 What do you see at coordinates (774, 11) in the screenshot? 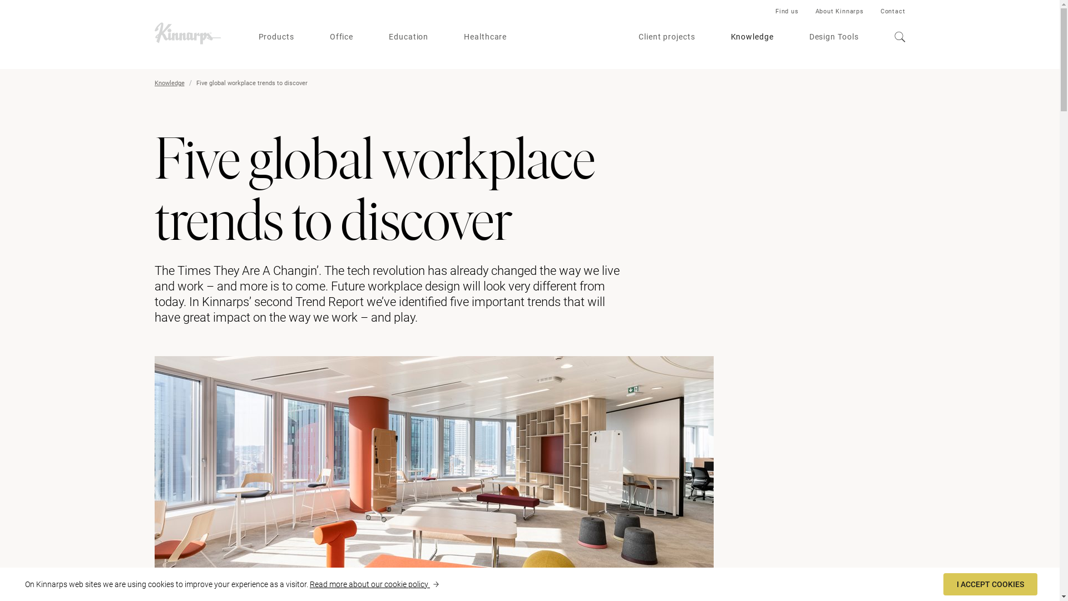
I see `'Find us'` at bounding box center [774, 11].